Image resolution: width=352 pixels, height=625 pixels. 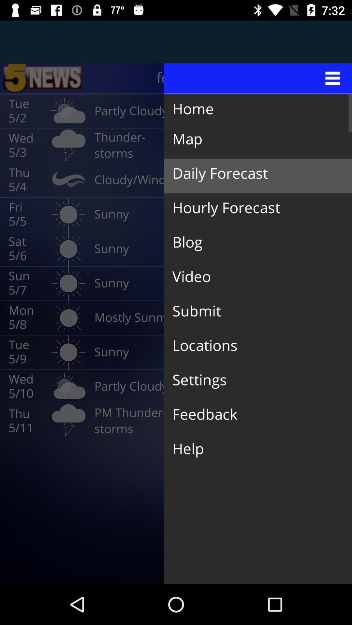 I want to click on the date_range icon, so click(x=43, y=78).